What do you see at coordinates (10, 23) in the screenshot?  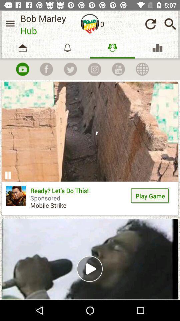 I see `the icon to the left of the bob marley item` at bounding box center [10, 23].